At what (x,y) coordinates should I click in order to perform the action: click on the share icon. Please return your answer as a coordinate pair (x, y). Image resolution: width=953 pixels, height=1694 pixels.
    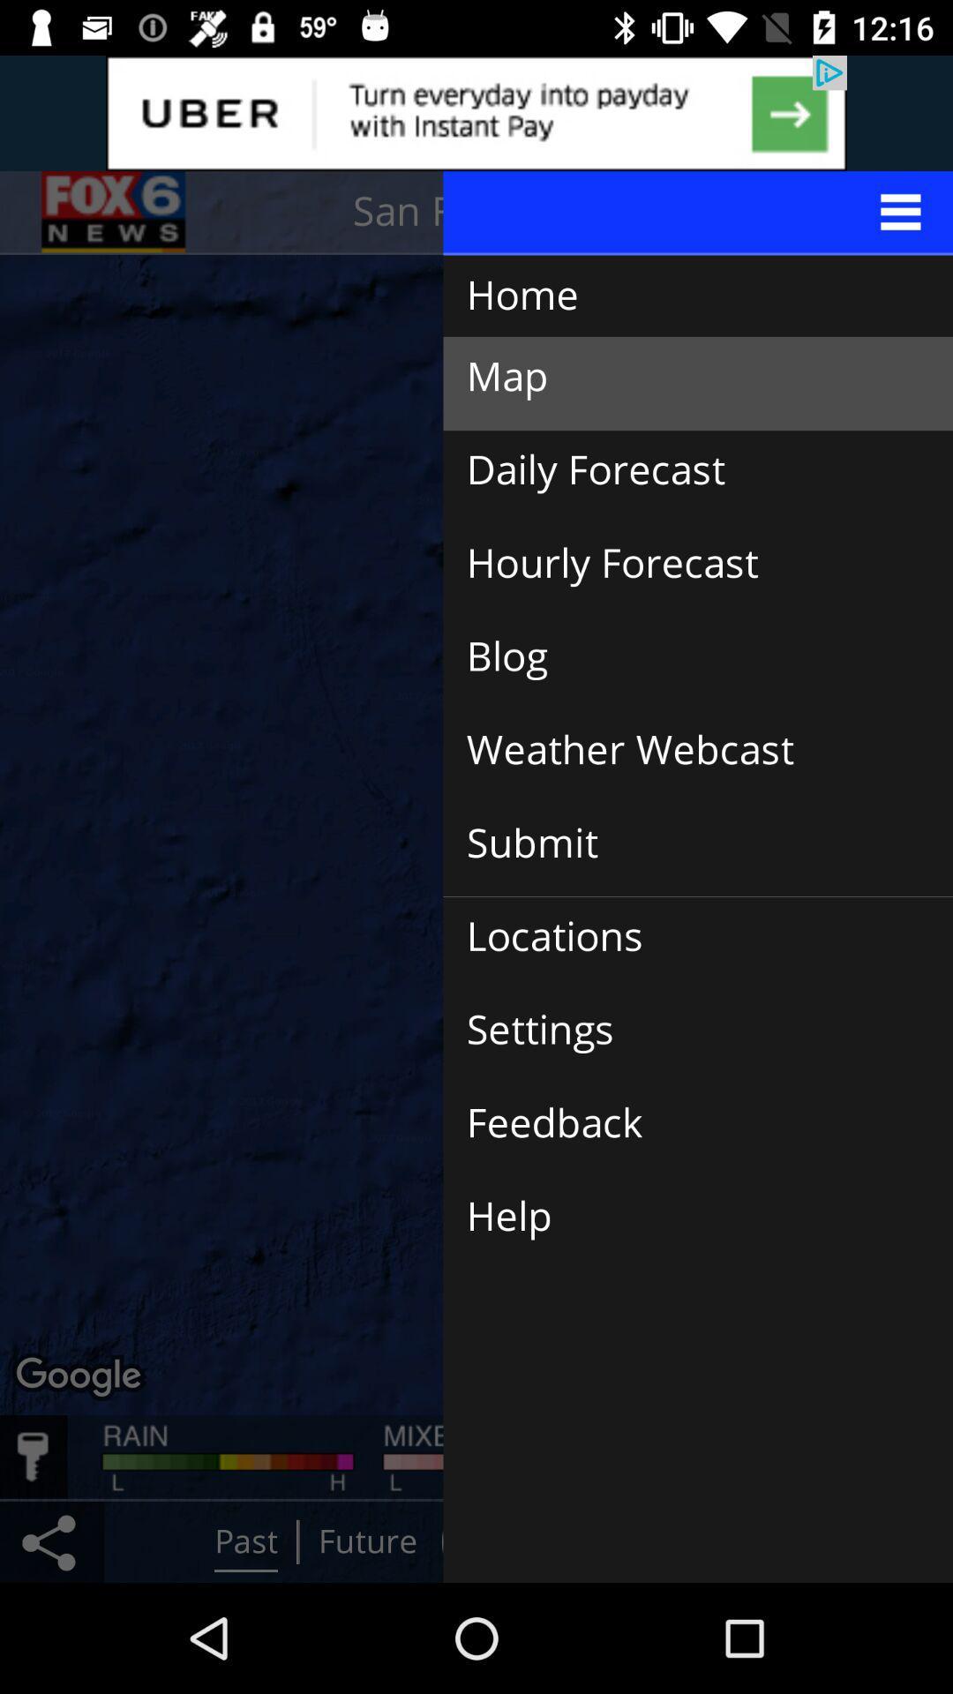
    Looking at the image, I should click on (51, 1540).